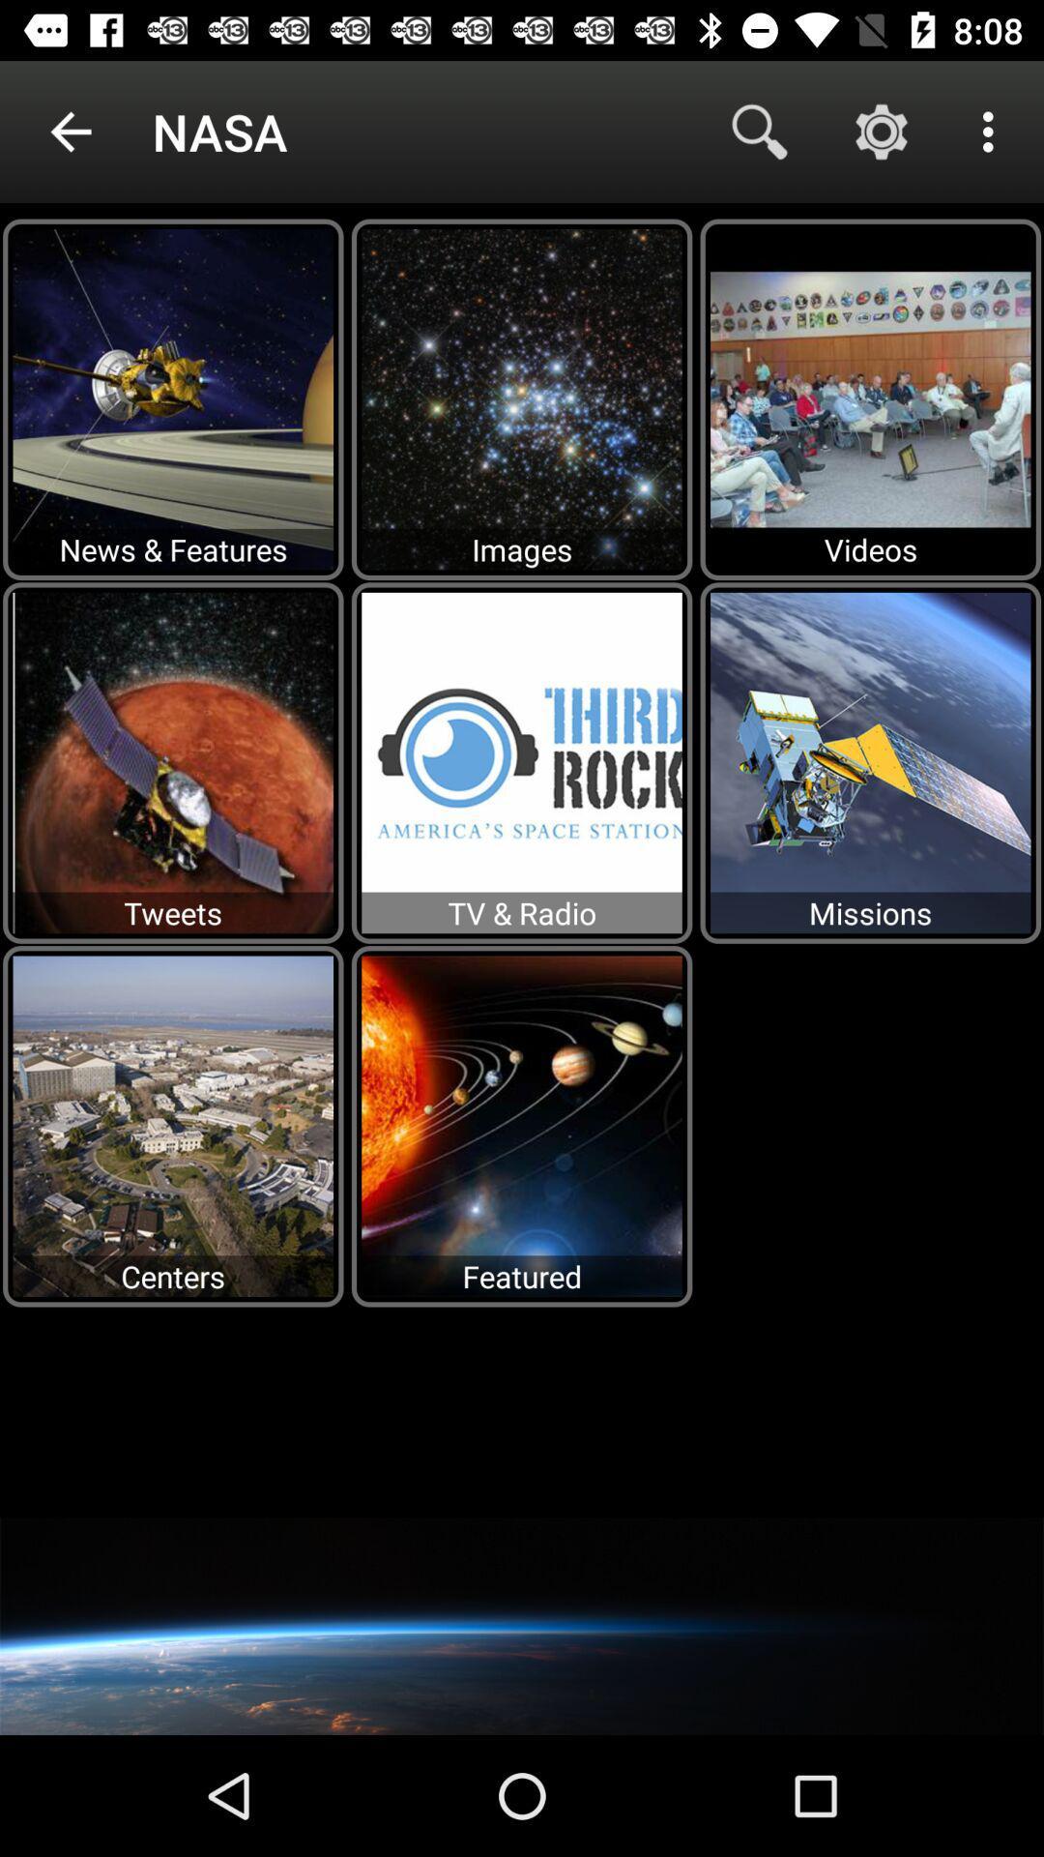 The height and width of the screenshot is (1857, 1044). Describe the element at coordinates (759, 131) in the screenshot. I see `item next to nasa icon` at that location.